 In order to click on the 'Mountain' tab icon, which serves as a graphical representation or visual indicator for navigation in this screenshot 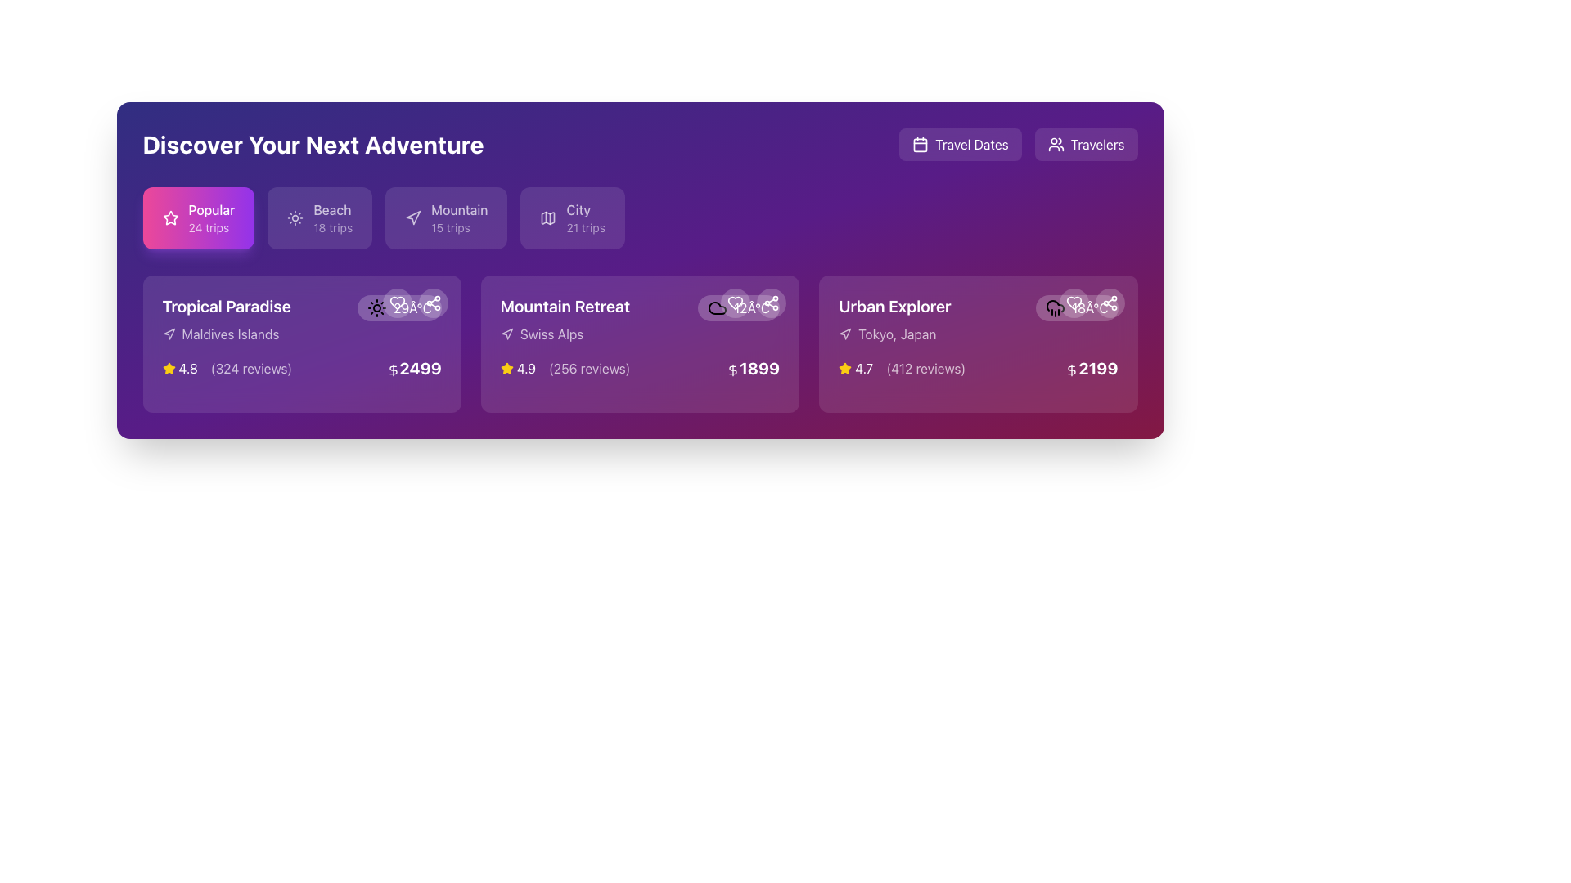, I will do `click(413, 217)`.